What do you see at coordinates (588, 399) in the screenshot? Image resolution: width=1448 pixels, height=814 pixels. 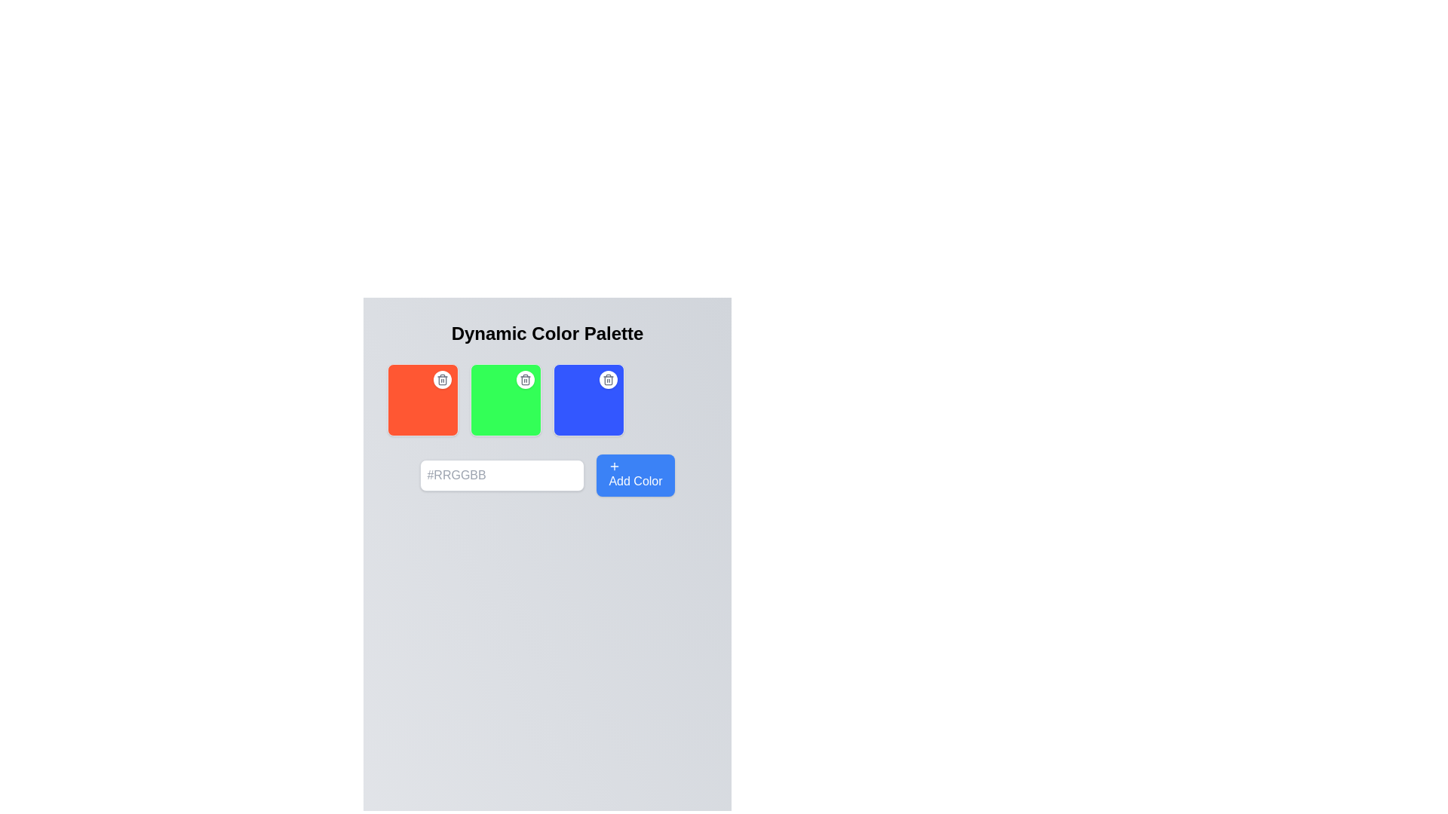 I see `the third interactive color box with an embedded delete button, located` at bounding box center [588, 399].